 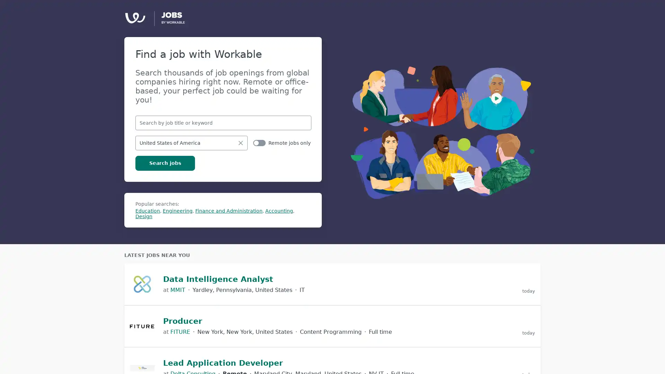 I want to click on Producer, so click(x=183, y=321).